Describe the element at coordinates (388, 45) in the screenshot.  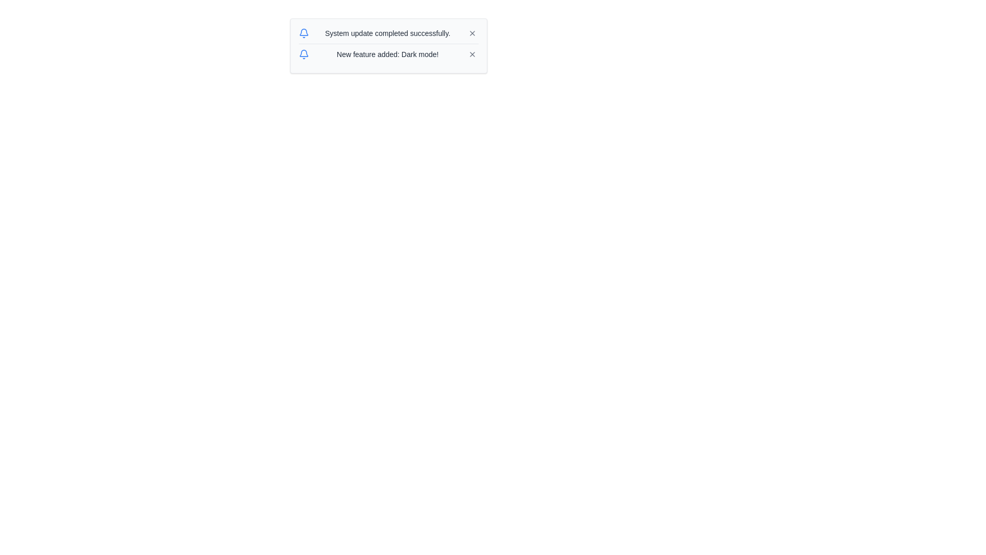
I see `the update by reading the second notification text that reads 'New feature added: Dark mode!'` at that location.